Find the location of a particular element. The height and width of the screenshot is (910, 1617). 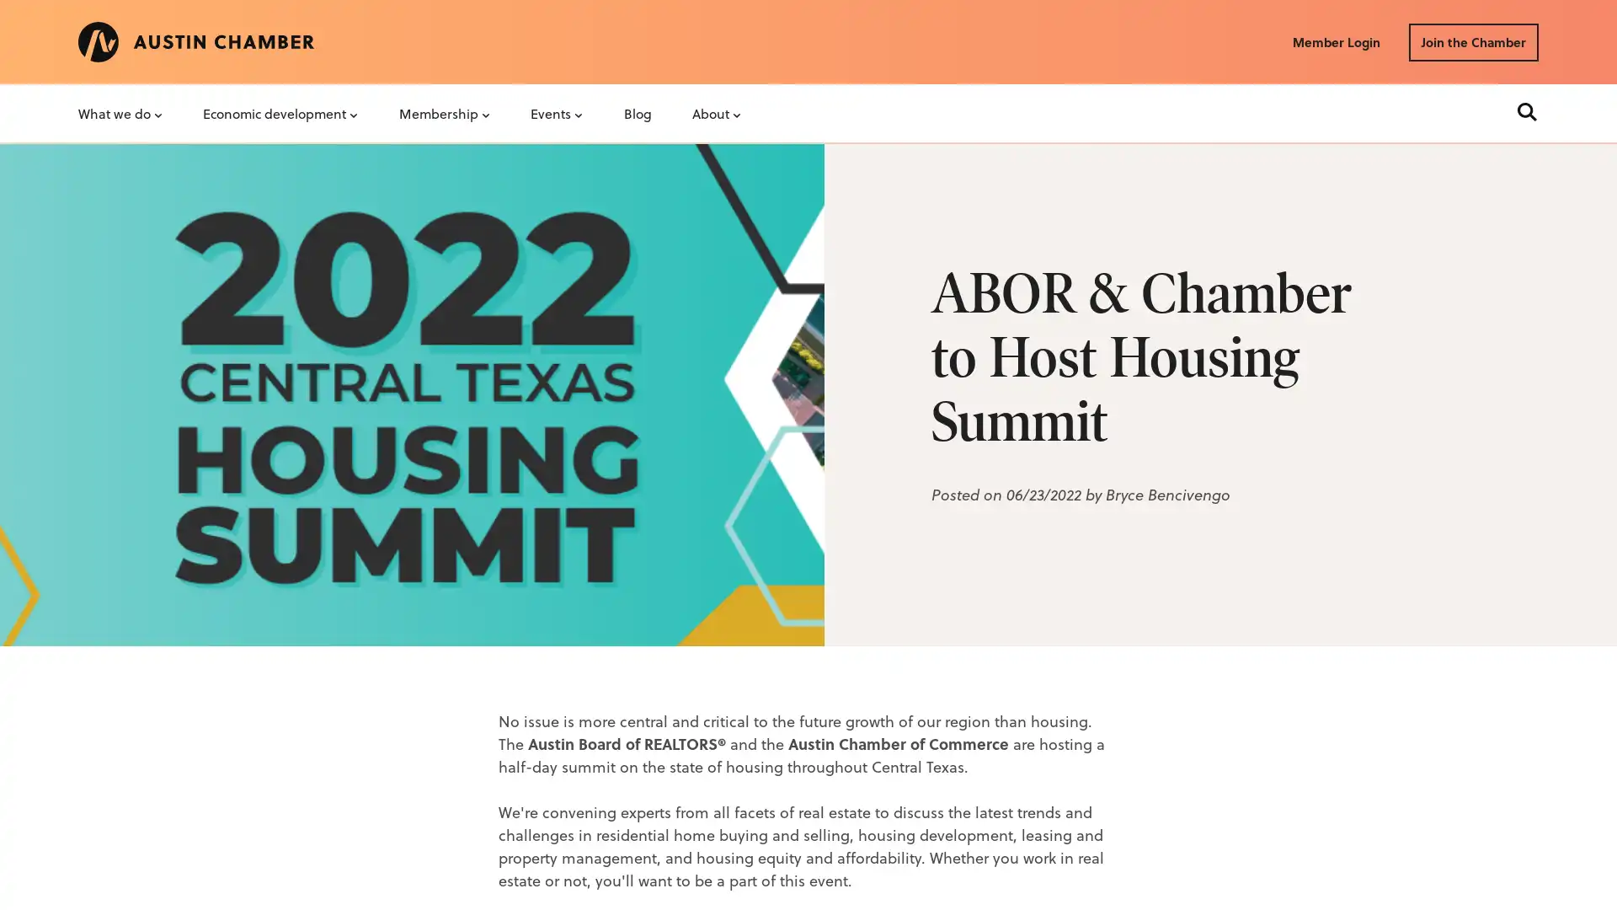

Search is located at coordinates (1527, 113).